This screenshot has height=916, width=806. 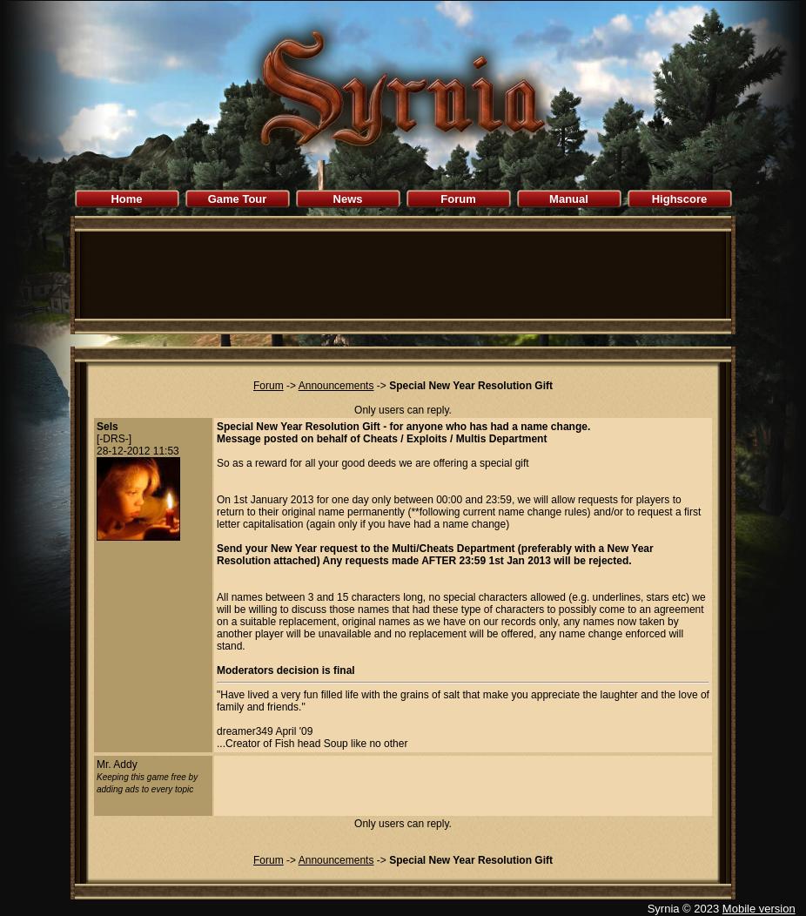 I want to click on 'Moderators decision is final', so click(x=285, y=669).